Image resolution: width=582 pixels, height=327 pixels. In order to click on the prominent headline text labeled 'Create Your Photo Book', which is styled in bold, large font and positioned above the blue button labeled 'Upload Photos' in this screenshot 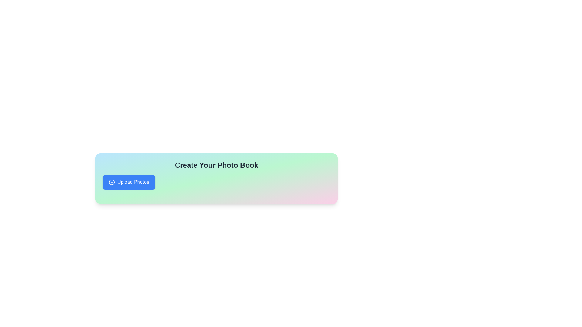, I will do `click(216, 165)`.